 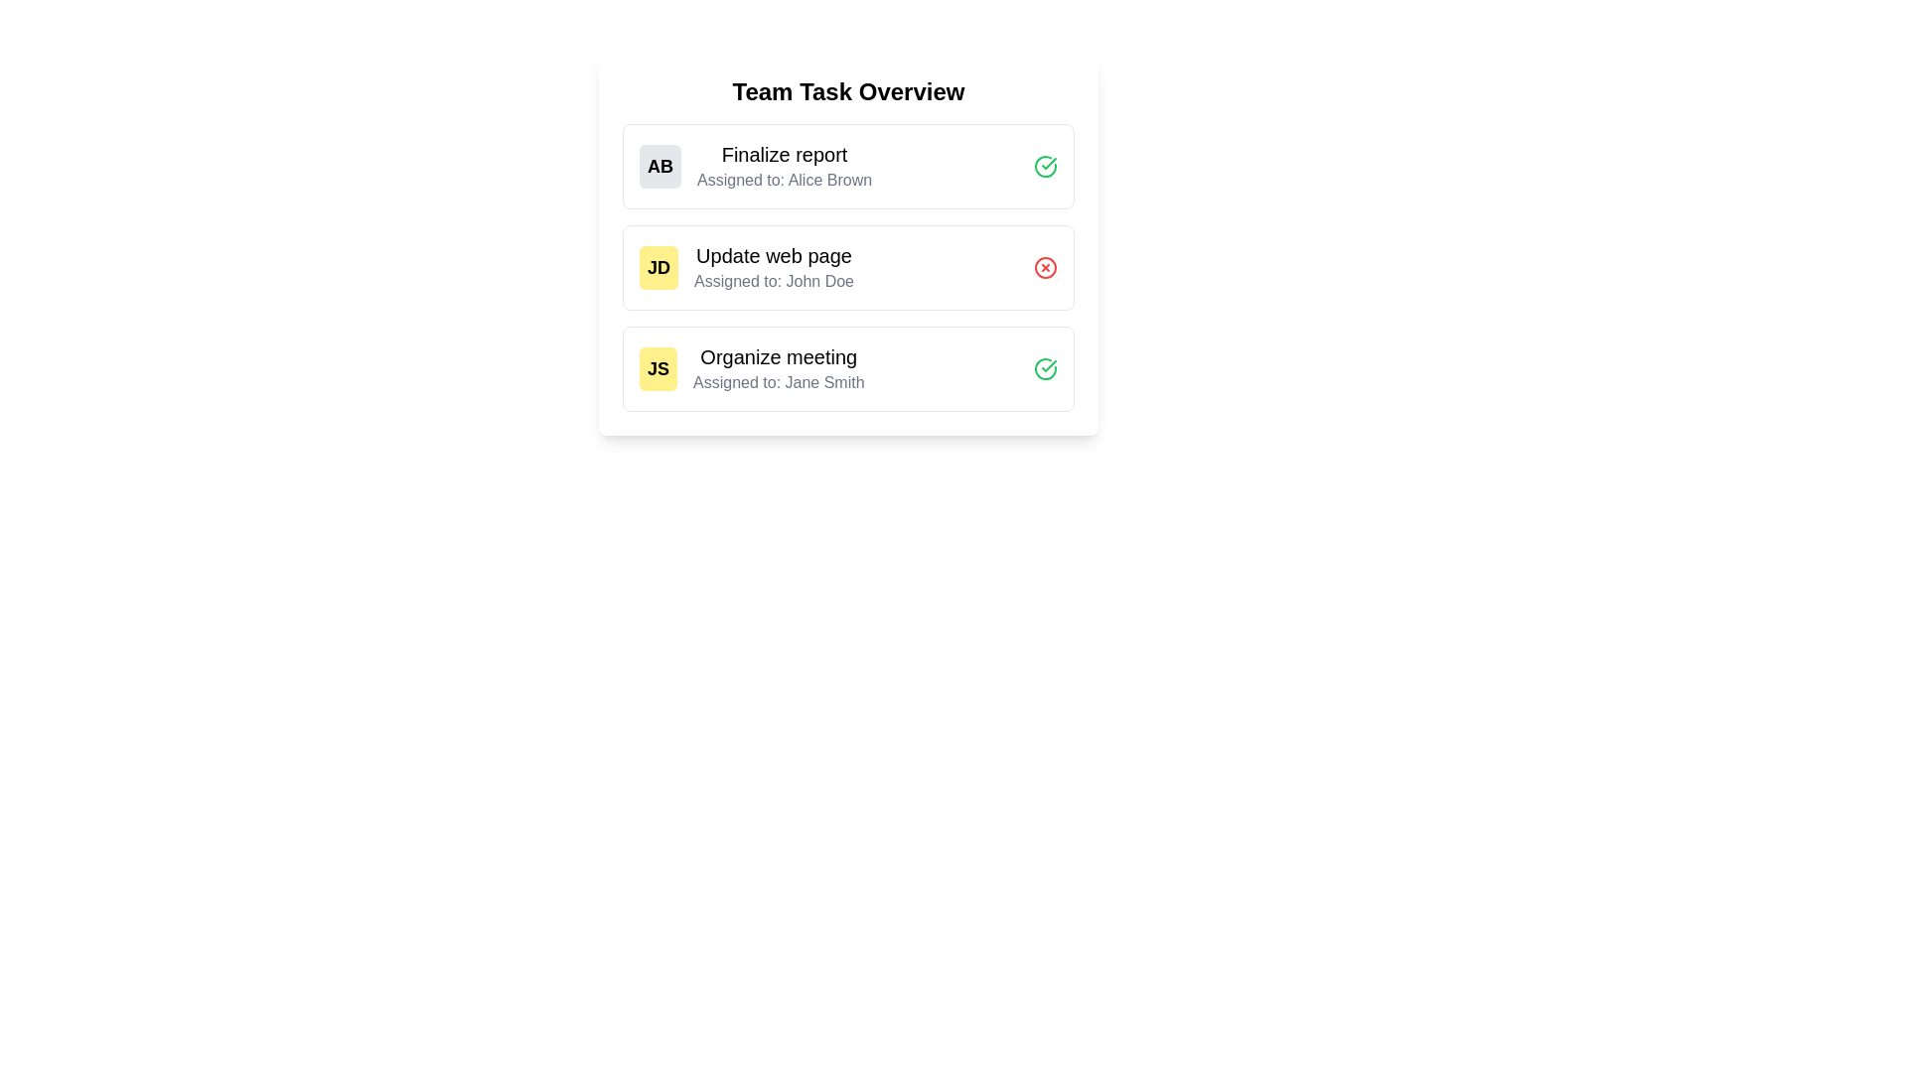 I want to click on the green checkmark icon within a circular badge located at the end of the 'Organize meeting' list item, which indicates completion, so click(x=1048, y=163).